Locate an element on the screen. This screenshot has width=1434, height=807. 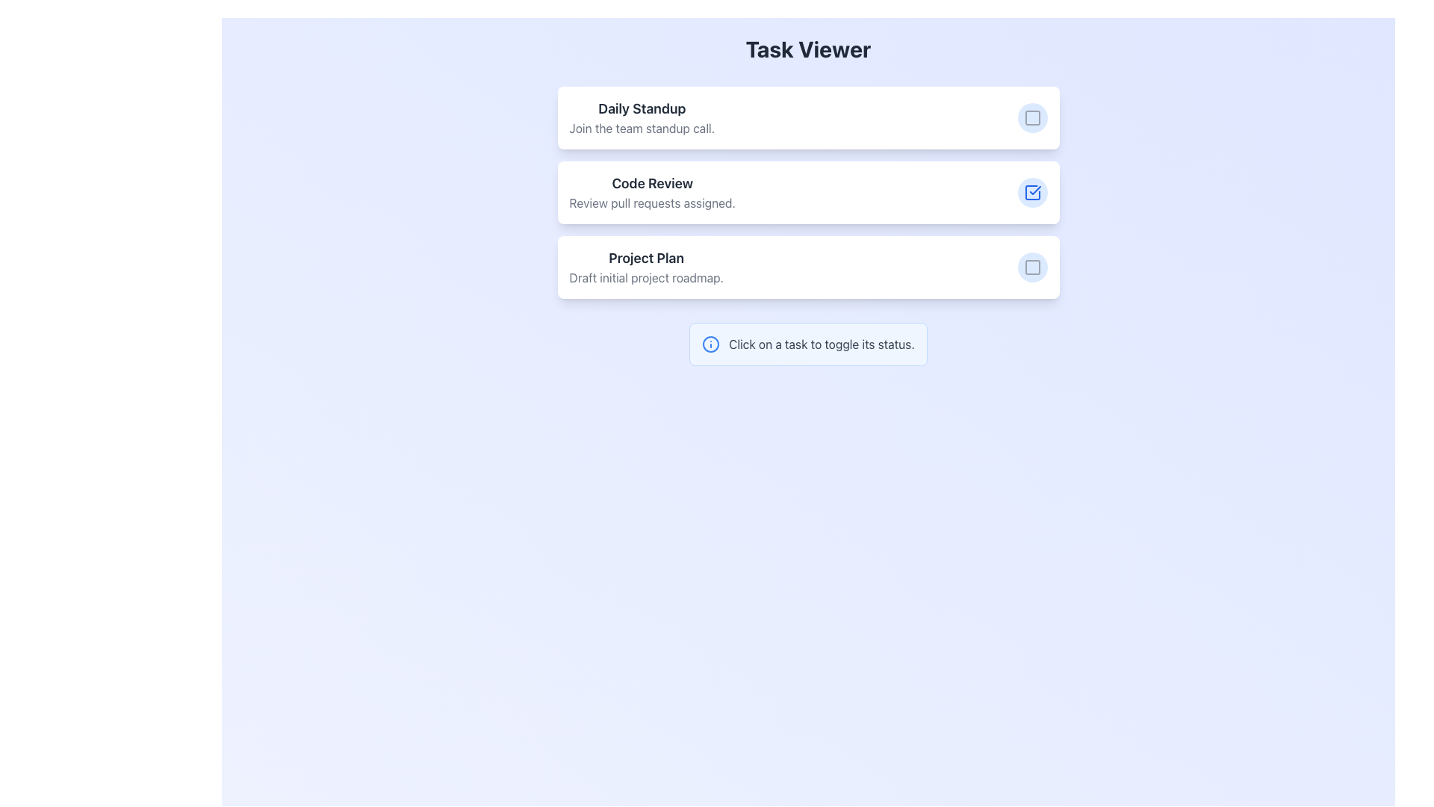
the Static Text element that serves as the title for the task card labeled 'Project Plan', which is located at the coordinates provided is located at coordinates (646, 258).